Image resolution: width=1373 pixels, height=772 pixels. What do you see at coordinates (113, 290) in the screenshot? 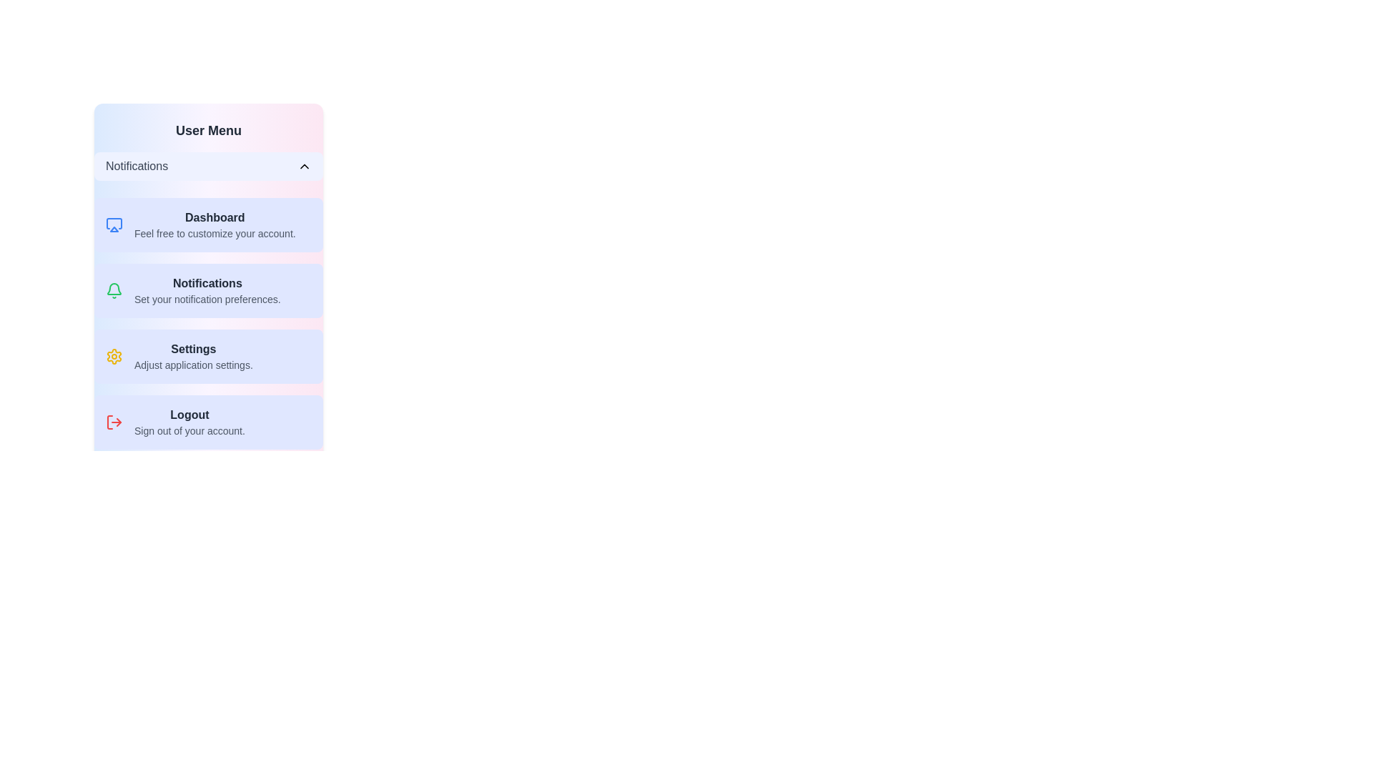
I see `the icon associated with the Notifications menu item` at bounding box center [113, 290].